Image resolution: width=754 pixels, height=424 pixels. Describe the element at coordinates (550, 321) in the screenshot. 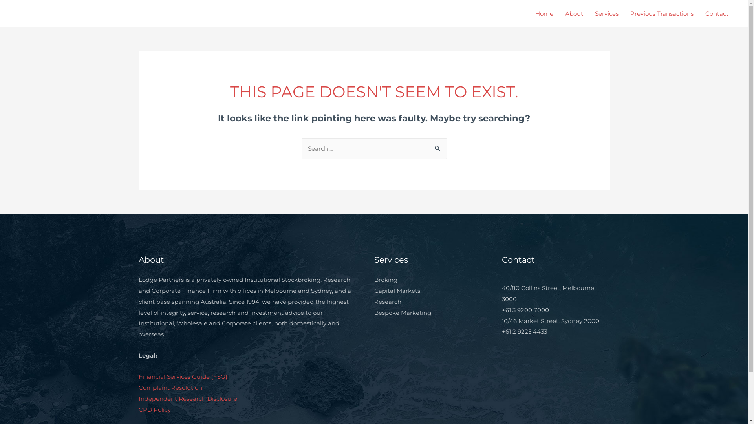

I see `'10/46 Market Street, Sydney 2000'` at that location.